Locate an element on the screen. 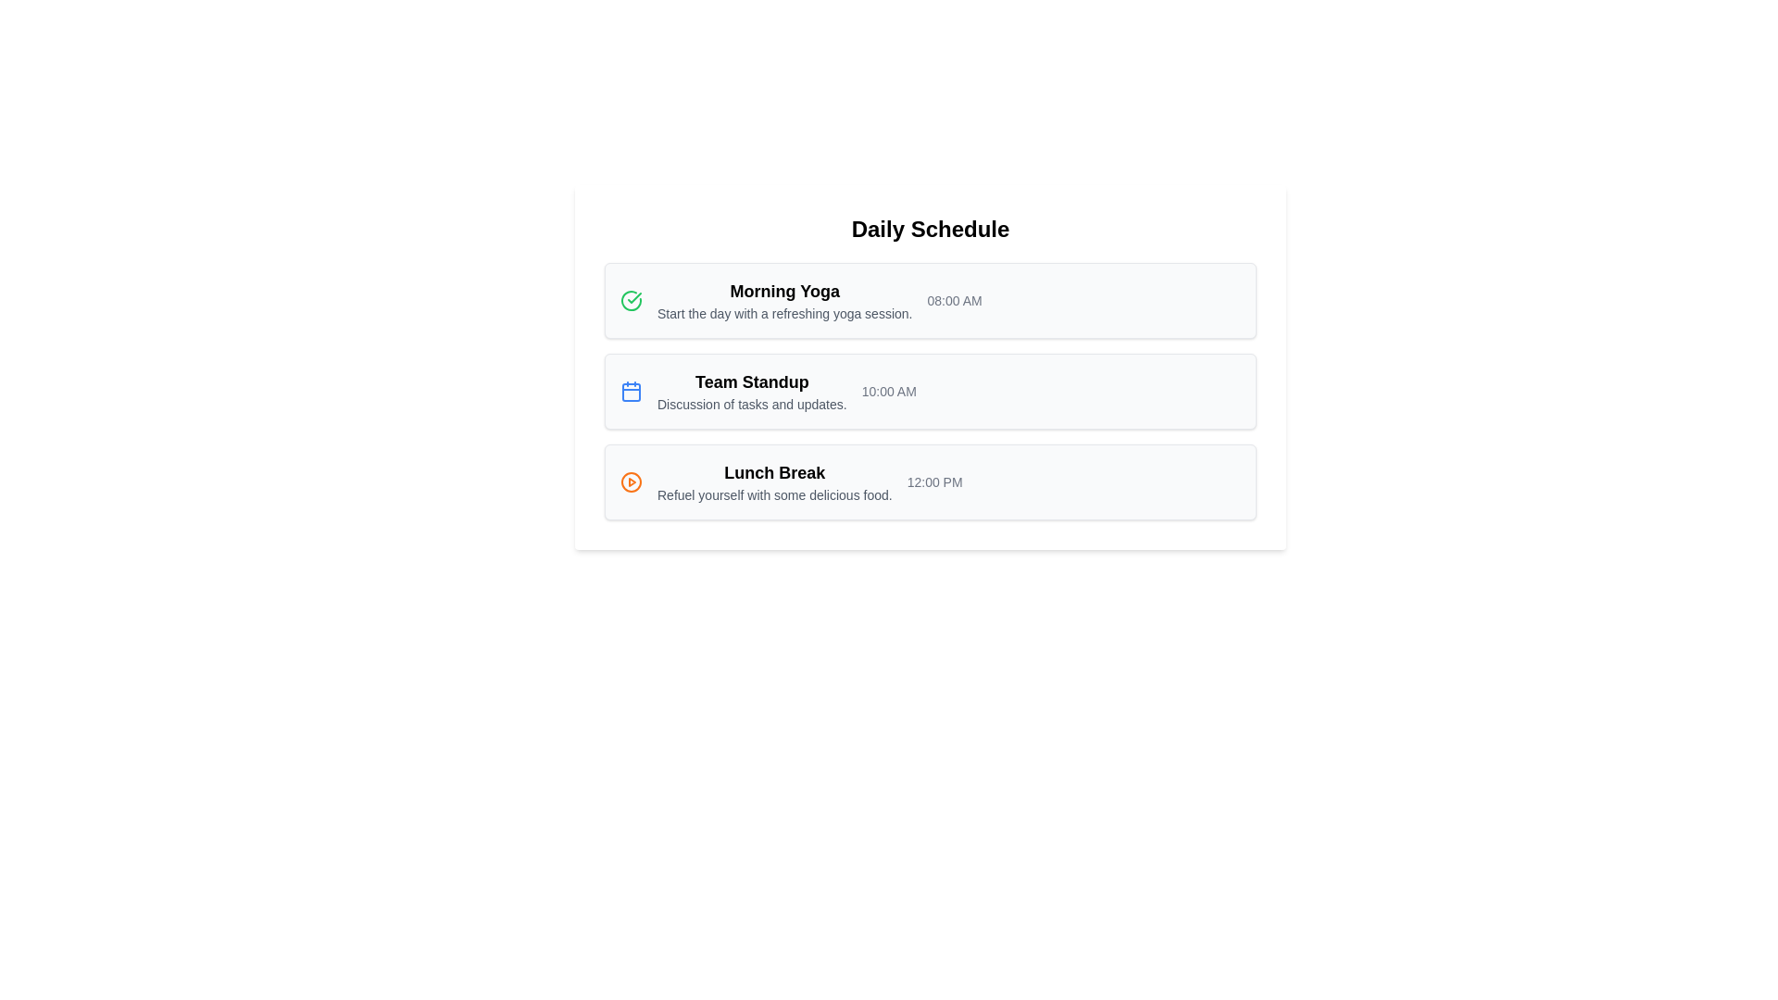  the static text description that reads 'Start the day with a refreshing yoga session.', which is styled in a small gray font and located below the heading 'Morning Yoga' is located at coordinates (784, 313).